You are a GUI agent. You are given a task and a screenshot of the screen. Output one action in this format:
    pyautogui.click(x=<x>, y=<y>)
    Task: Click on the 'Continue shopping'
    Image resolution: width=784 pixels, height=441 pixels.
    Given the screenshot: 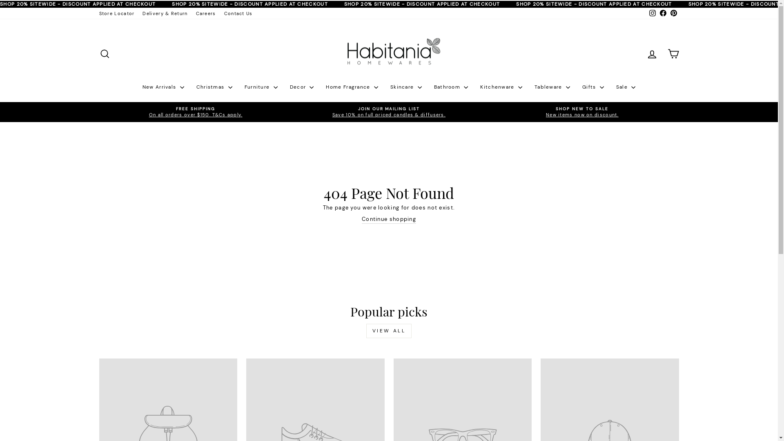 What is the action you would take?
    pyautogui.click(x=388, y=219)
    